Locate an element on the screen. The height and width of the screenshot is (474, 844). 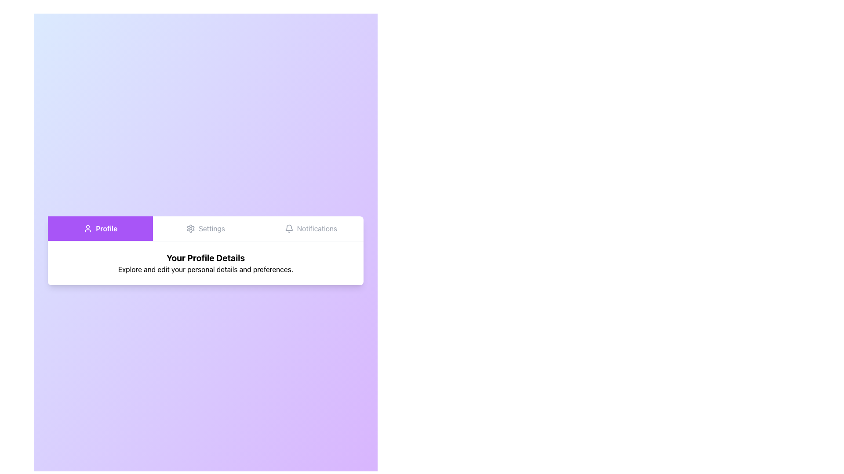
the settings icon located in the middle tab of the navigation bar, which is positioned between the 'Profile' and 'Notifications' tabs is located at coordinates (190, 228).